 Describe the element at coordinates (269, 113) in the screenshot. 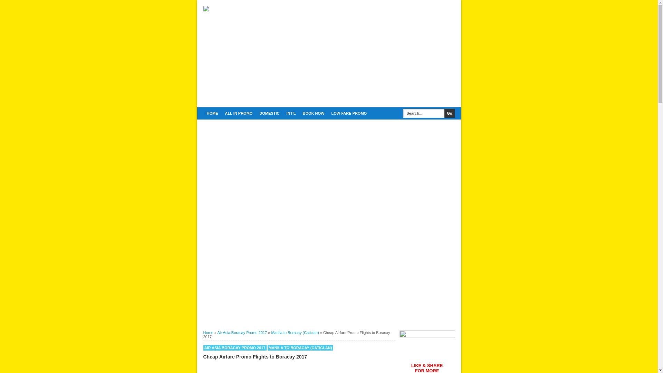

I see `'DOMESTIC'` at that location.